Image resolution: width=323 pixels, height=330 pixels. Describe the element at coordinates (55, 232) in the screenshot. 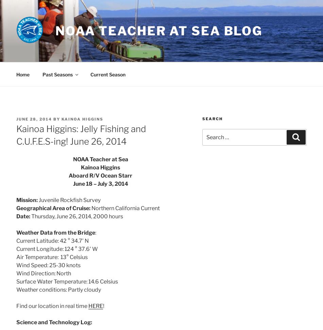

I see `'Weather Data from the Bridge'` at that location.